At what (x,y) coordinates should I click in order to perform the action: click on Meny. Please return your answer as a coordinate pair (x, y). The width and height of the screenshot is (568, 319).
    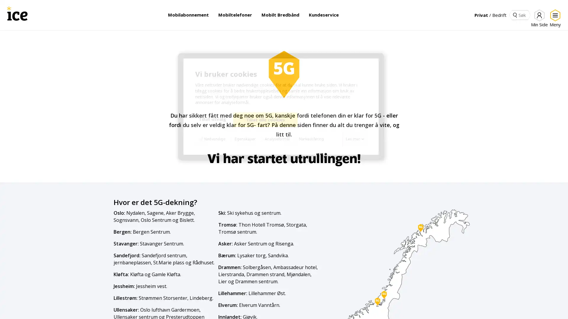
    Looking at the image, I should click on (554, 18).